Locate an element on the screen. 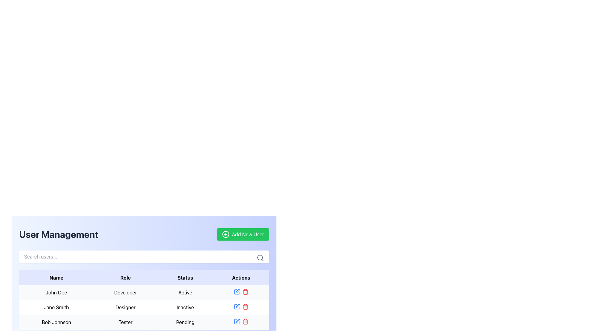 The width and height of the screenshot is (593, 334). the 'Status' text label, which is the third item in a header row of four columns, styled in bold and located between 'Role' and 'Actions' is located at coordinates (185, 277).